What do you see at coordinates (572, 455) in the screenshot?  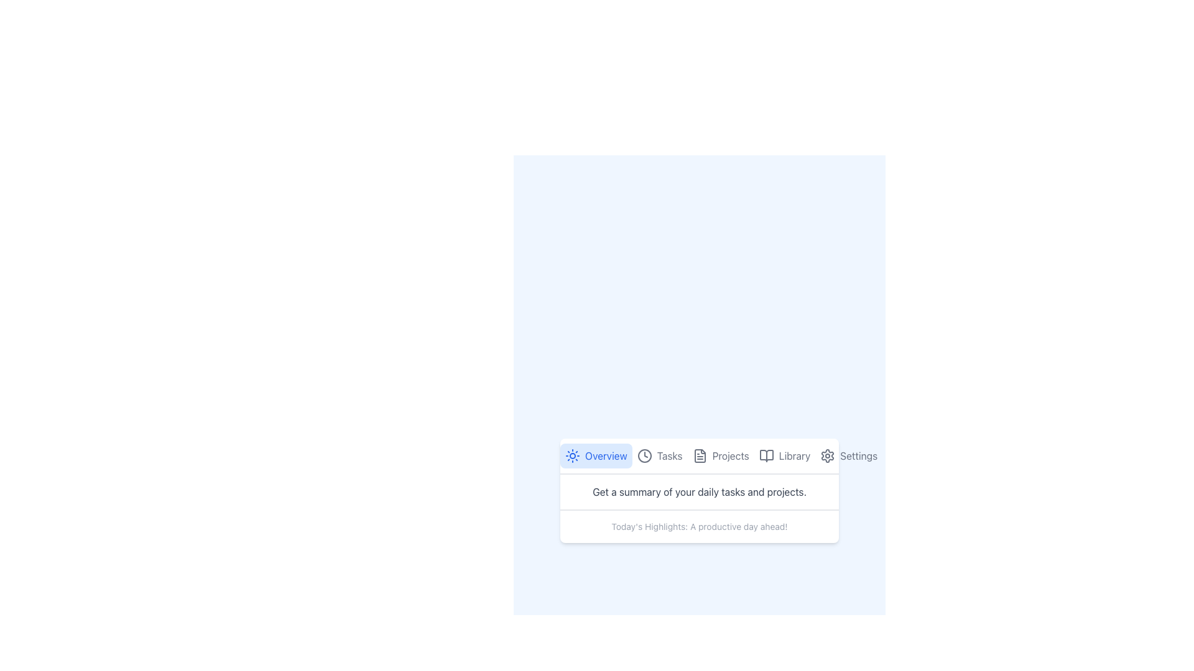 I see `the circular sun icon in the Overview section` at bounding box center [572, 455].